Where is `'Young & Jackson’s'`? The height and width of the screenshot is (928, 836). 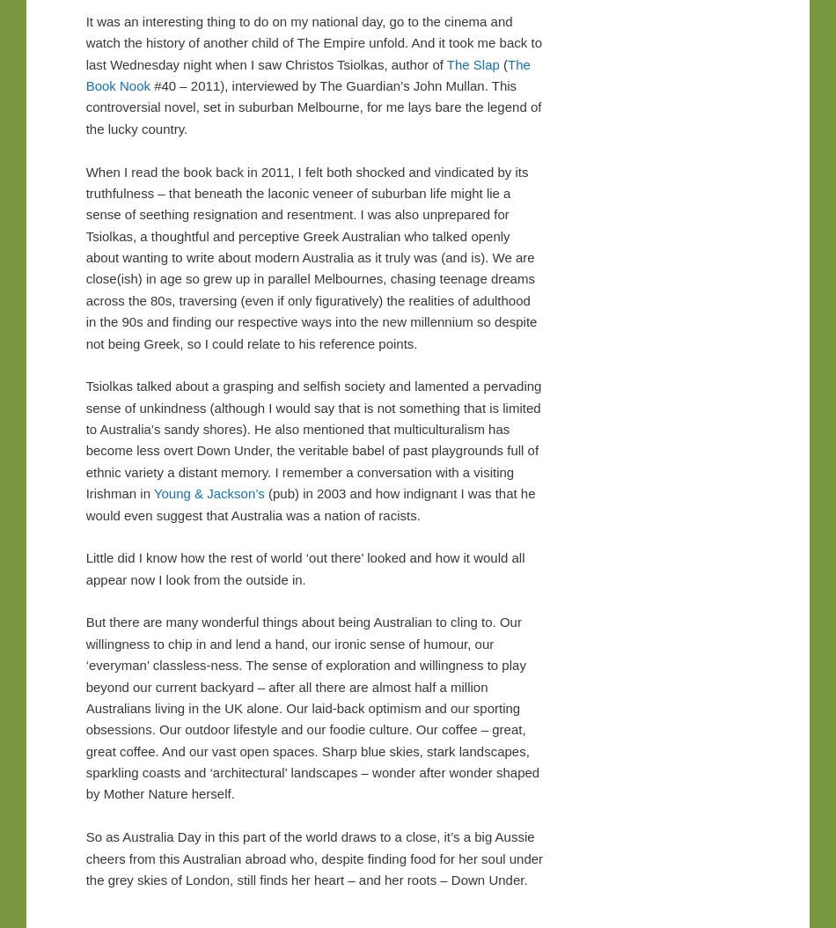 'Young & Jackson’s' is located at coordinates (209, 493).